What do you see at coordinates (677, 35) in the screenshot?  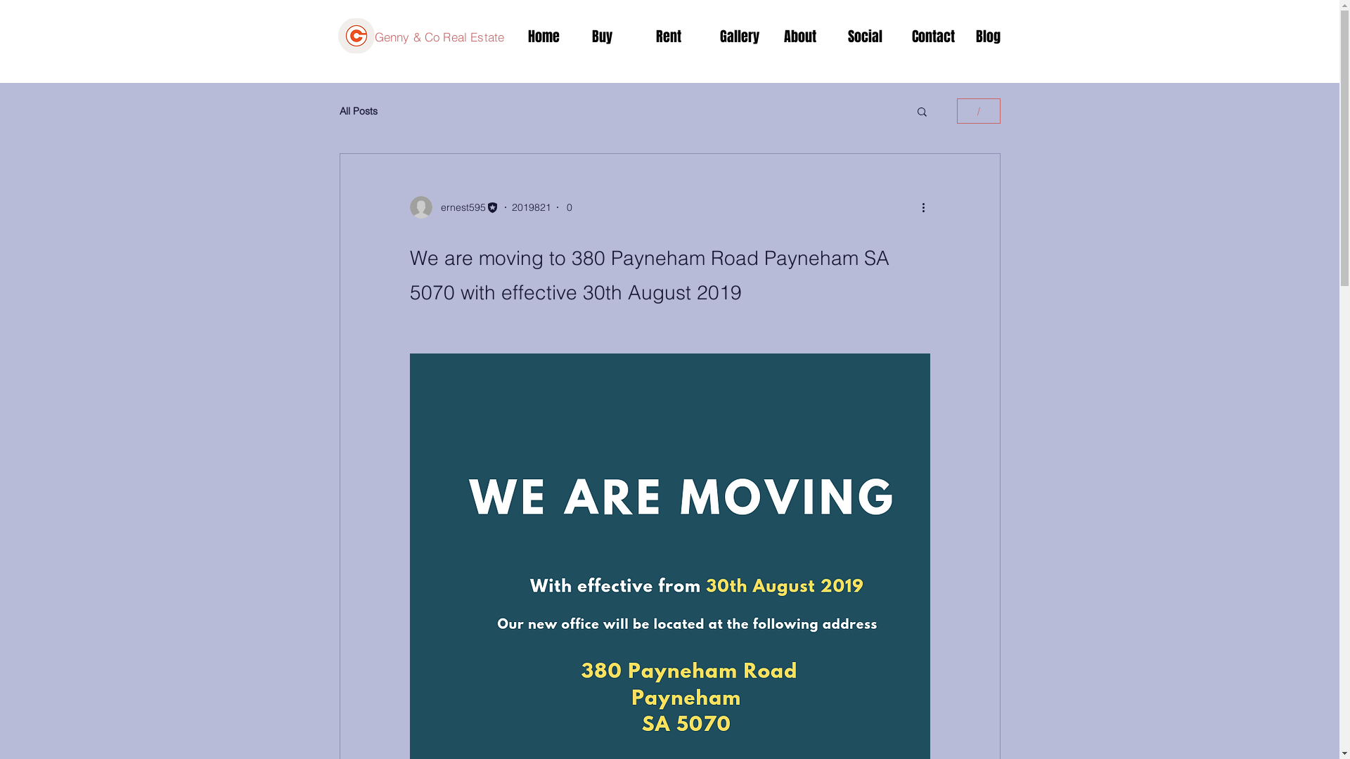 I see `'Rent'` at bounding box center [677, 35].